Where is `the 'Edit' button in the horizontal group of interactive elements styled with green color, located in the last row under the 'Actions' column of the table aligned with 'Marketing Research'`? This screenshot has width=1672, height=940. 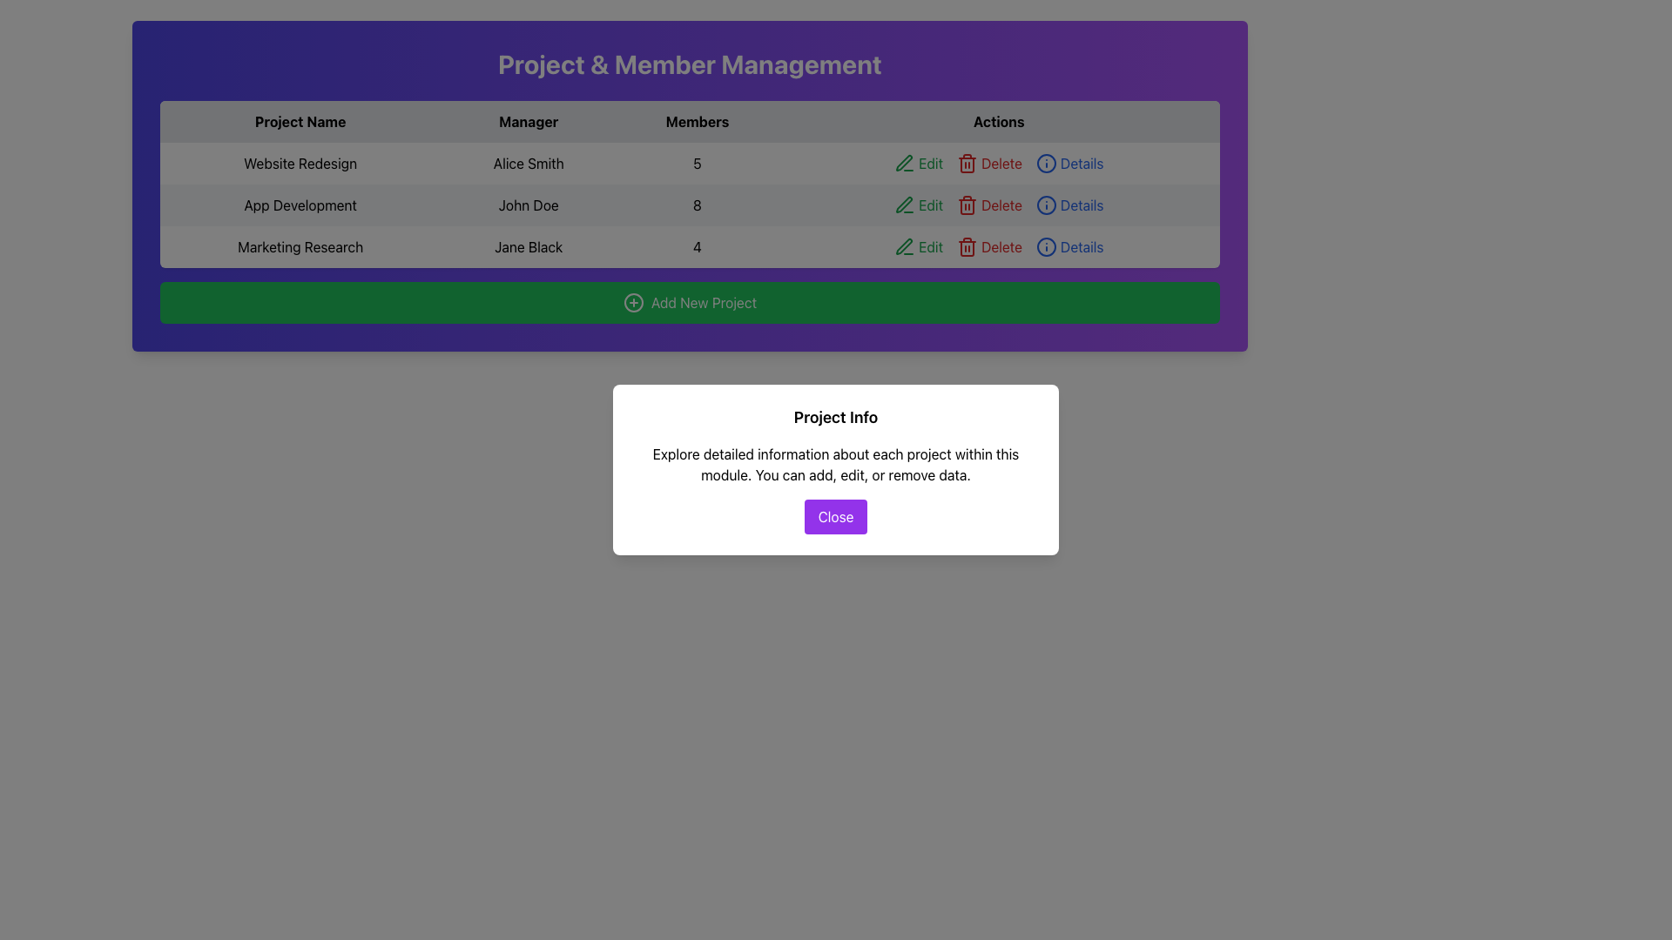
the 'Edit' button in the horizontal group of interactive elements styled with green color, located in the last row under the 'Actions' column of the table aligned with 'Marketing Research' is located at coordinates (999, 247).